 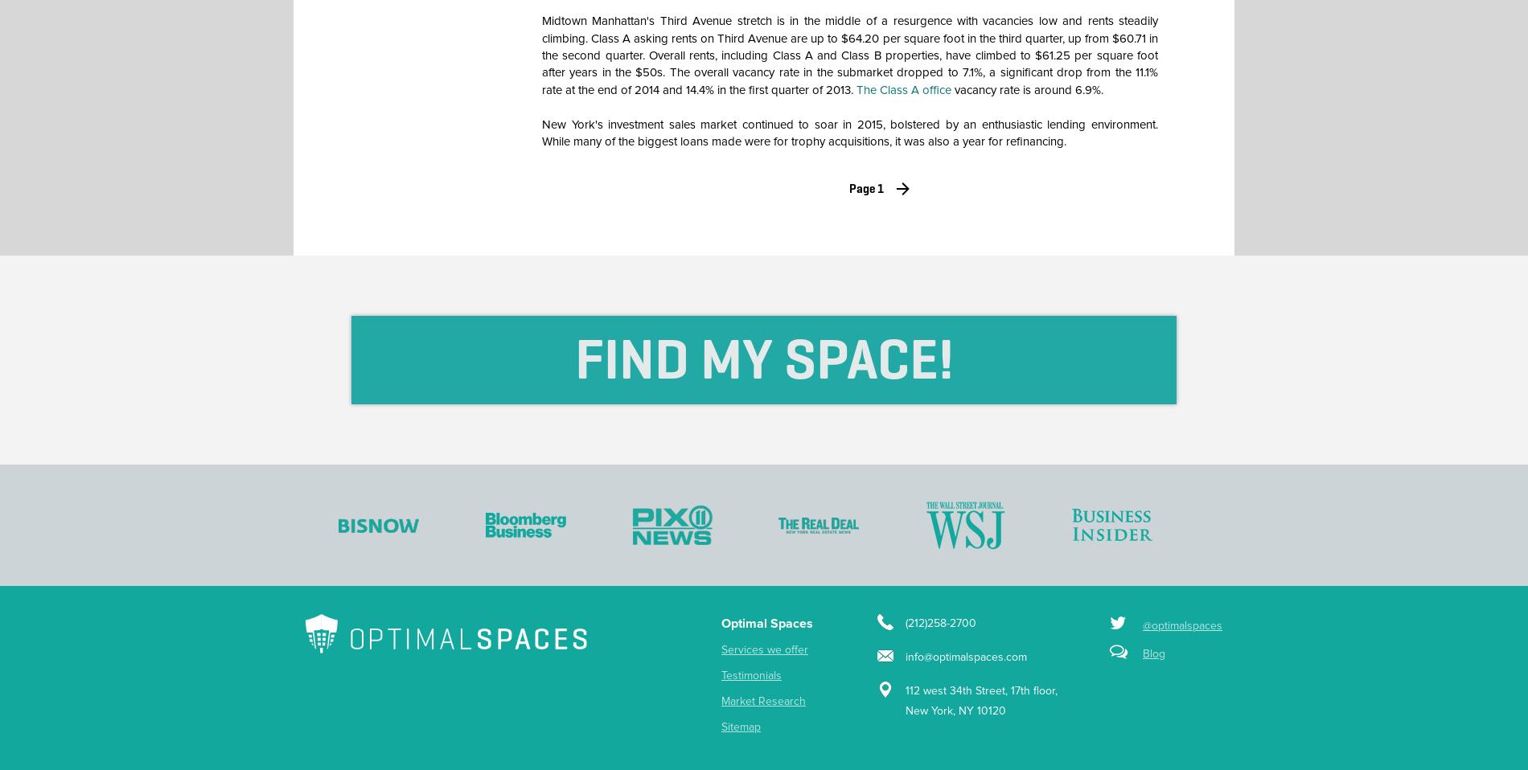 I want to click on 'info@optimalspaces.com', so click(x=905, y=655).